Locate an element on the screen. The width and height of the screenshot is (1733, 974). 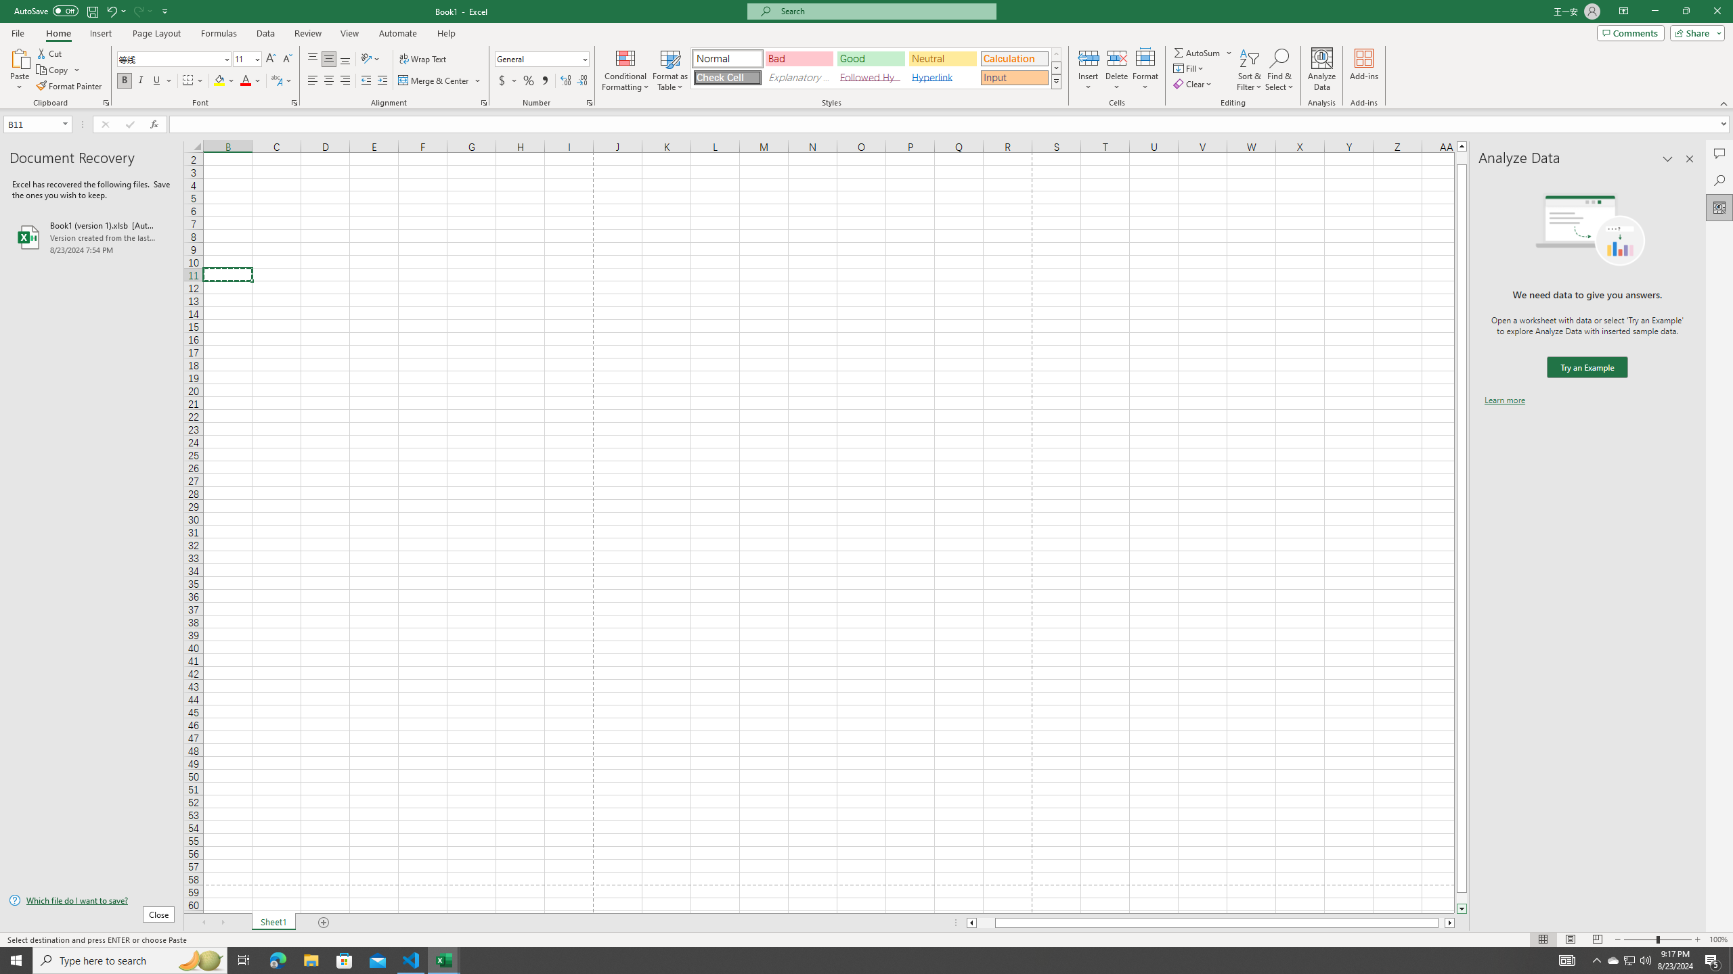
'Bottom Align' is located at coordinates (345, 59).